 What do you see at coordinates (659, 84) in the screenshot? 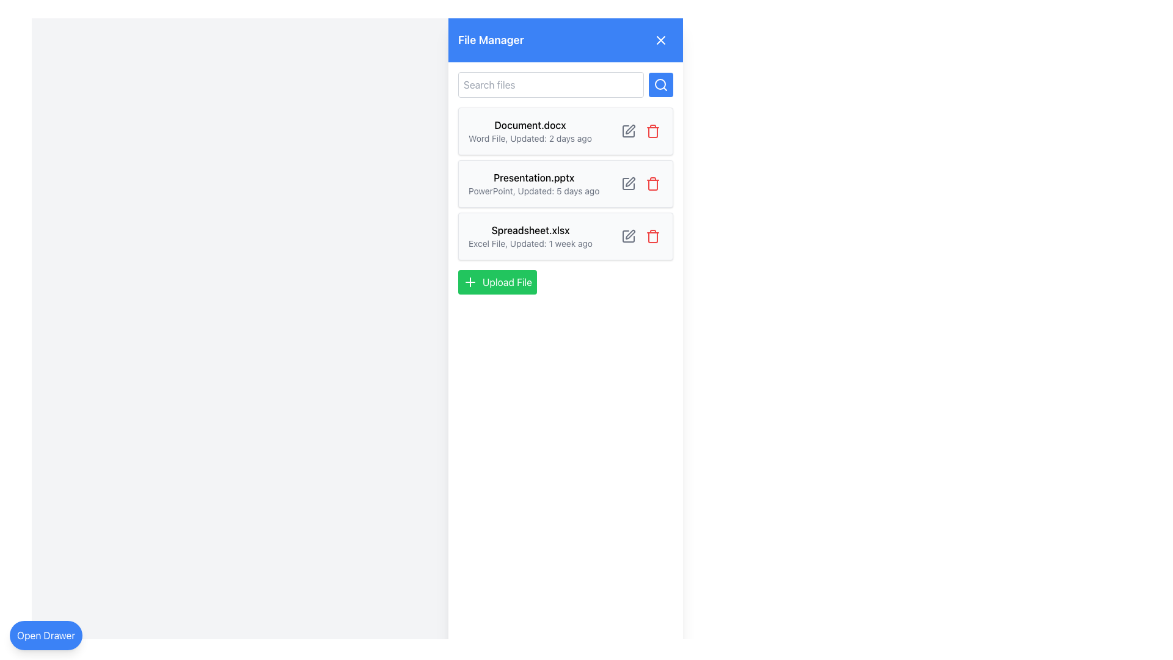
I see `the circular SVG element that represents the lens of the magnifying glass icon` at bounding box center [659, 84].